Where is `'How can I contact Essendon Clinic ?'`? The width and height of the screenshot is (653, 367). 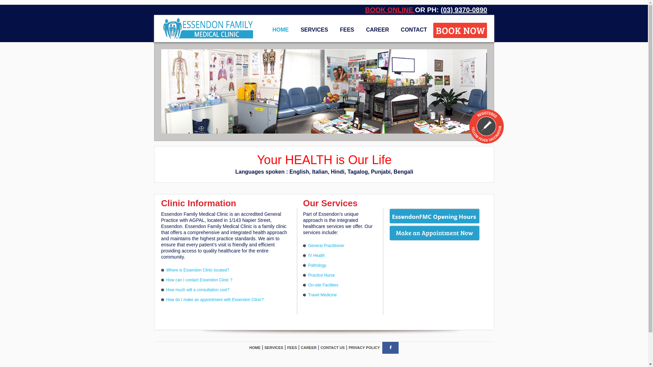 'How can I contact Essendon Clinic ?' is located at coordinates (199, 280).